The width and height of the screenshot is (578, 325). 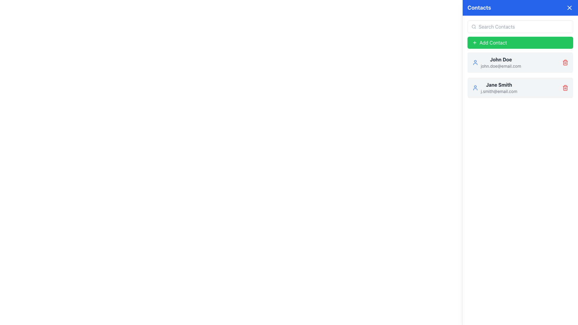 I want to click on the 'Contacts' static text label, which is styled with a bold font and located in the blue bar at the top of the sidebar, so click(x=479, y=8).